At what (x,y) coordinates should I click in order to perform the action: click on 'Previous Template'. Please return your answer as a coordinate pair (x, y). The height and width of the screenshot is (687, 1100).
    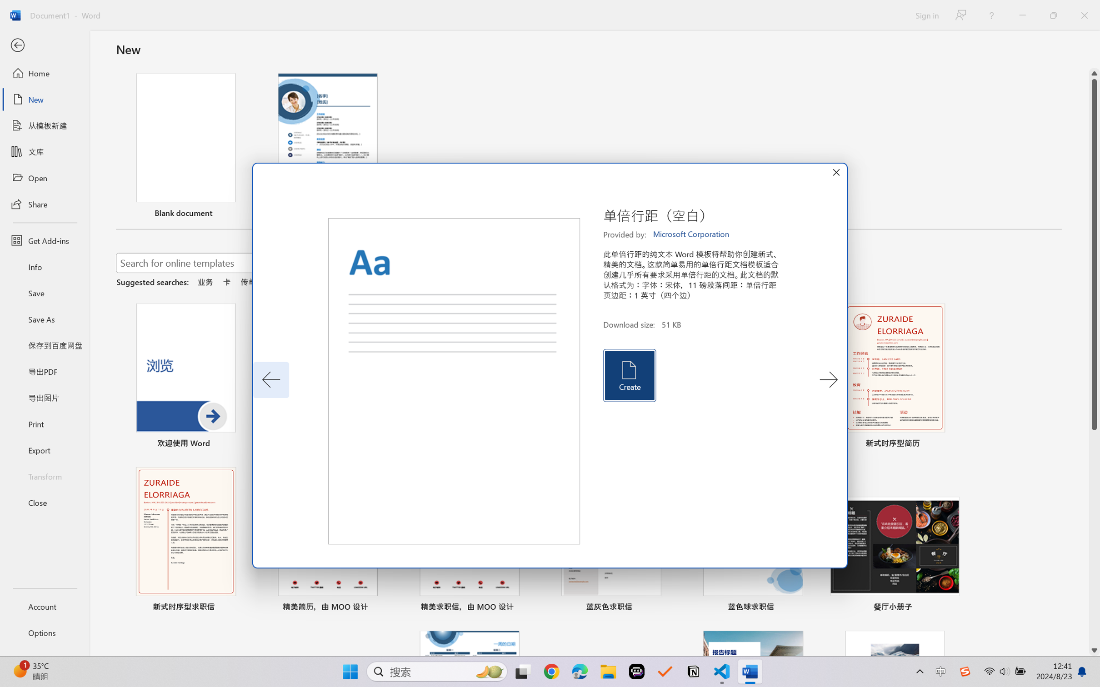
    Looking at the image, I should click on (271, 379).